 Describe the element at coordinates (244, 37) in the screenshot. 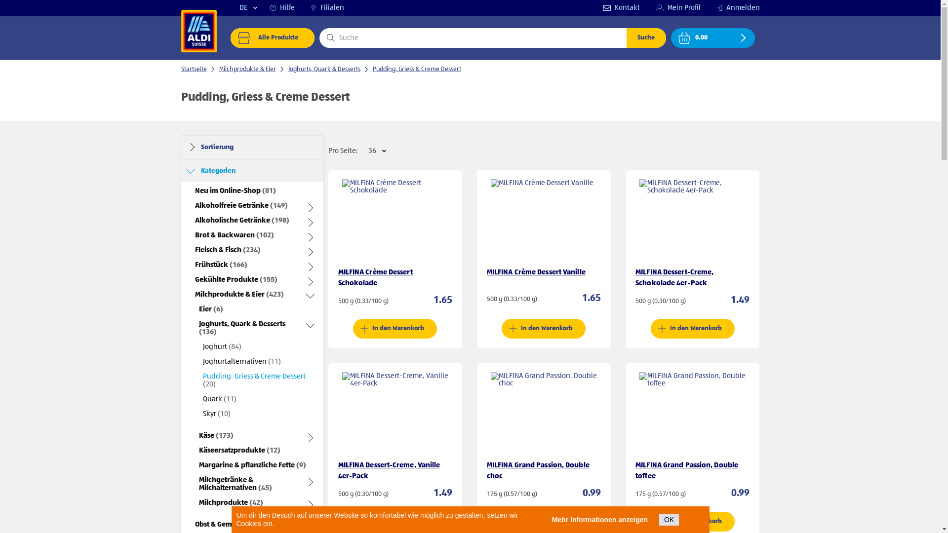

I see `'shop'` at that location.